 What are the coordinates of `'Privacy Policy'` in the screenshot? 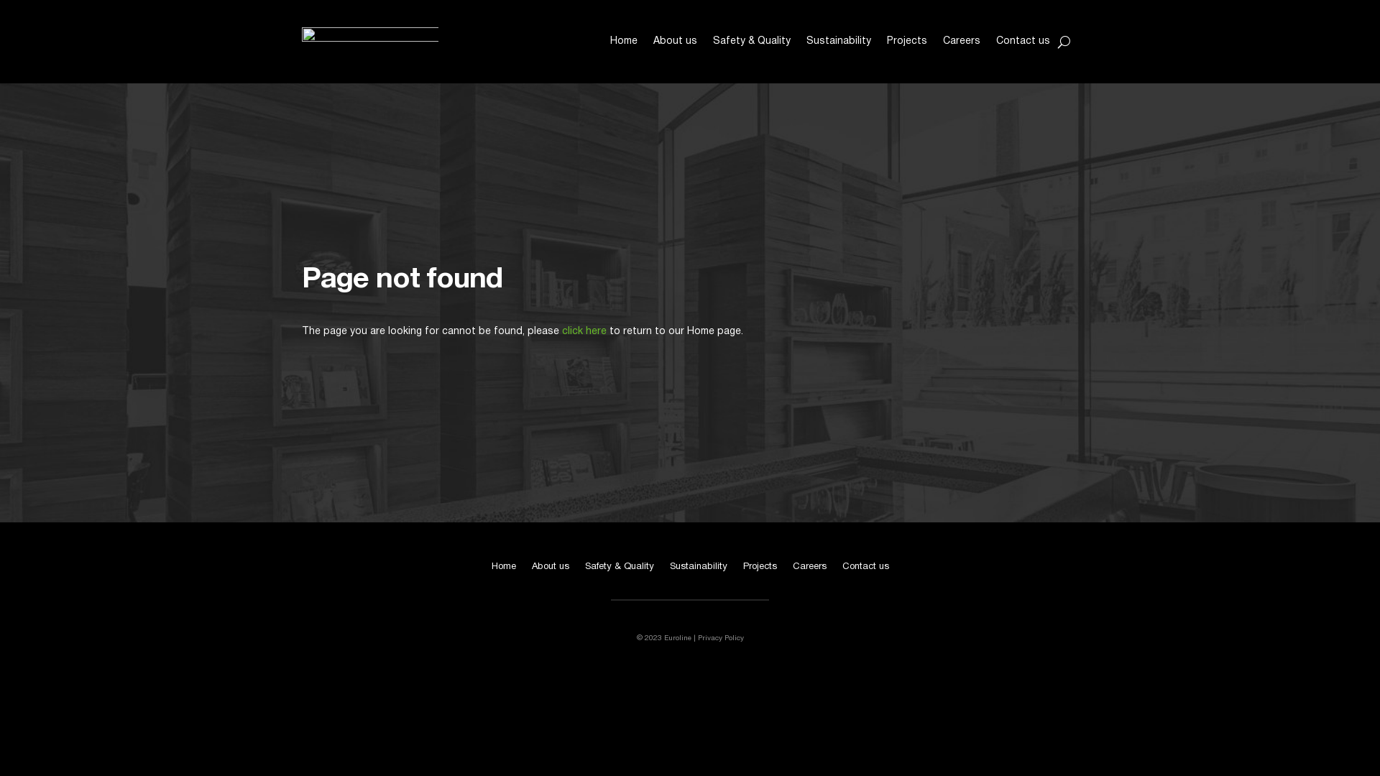 It's located at (720, 637).